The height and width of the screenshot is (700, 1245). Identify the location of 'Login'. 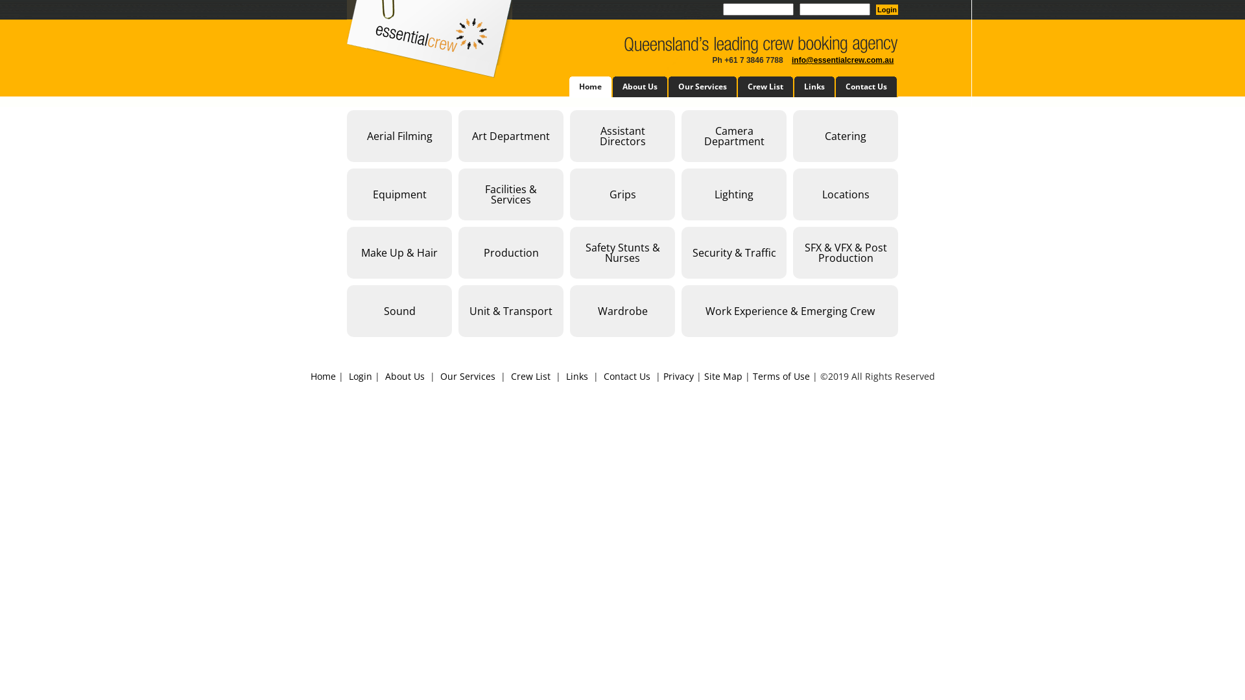
(361, 376).